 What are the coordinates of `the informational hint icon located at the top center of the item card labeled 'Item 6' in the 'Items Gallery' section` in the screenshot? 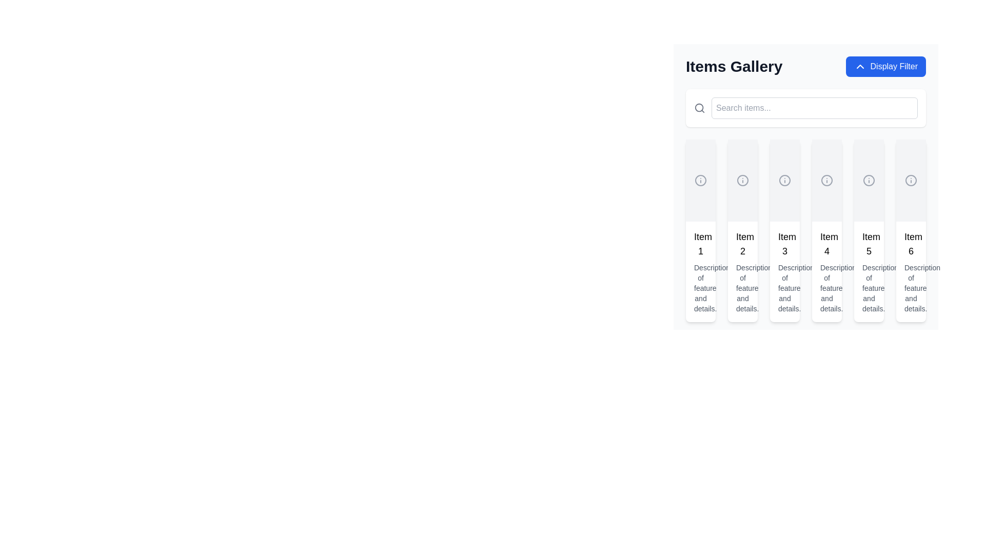 It's located at (911, 180).